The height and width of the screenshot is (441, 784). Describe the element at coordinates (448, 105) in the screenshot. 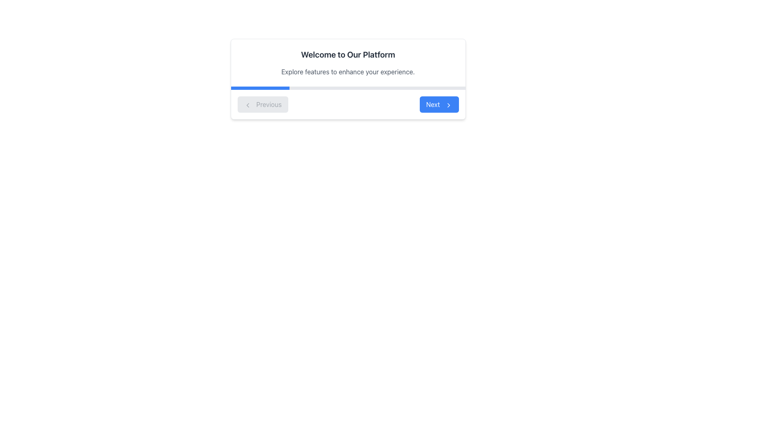

I see `the arrow icon indicating progression within the 'Next' button located at the bottom-right of the central dialog box` at that location.